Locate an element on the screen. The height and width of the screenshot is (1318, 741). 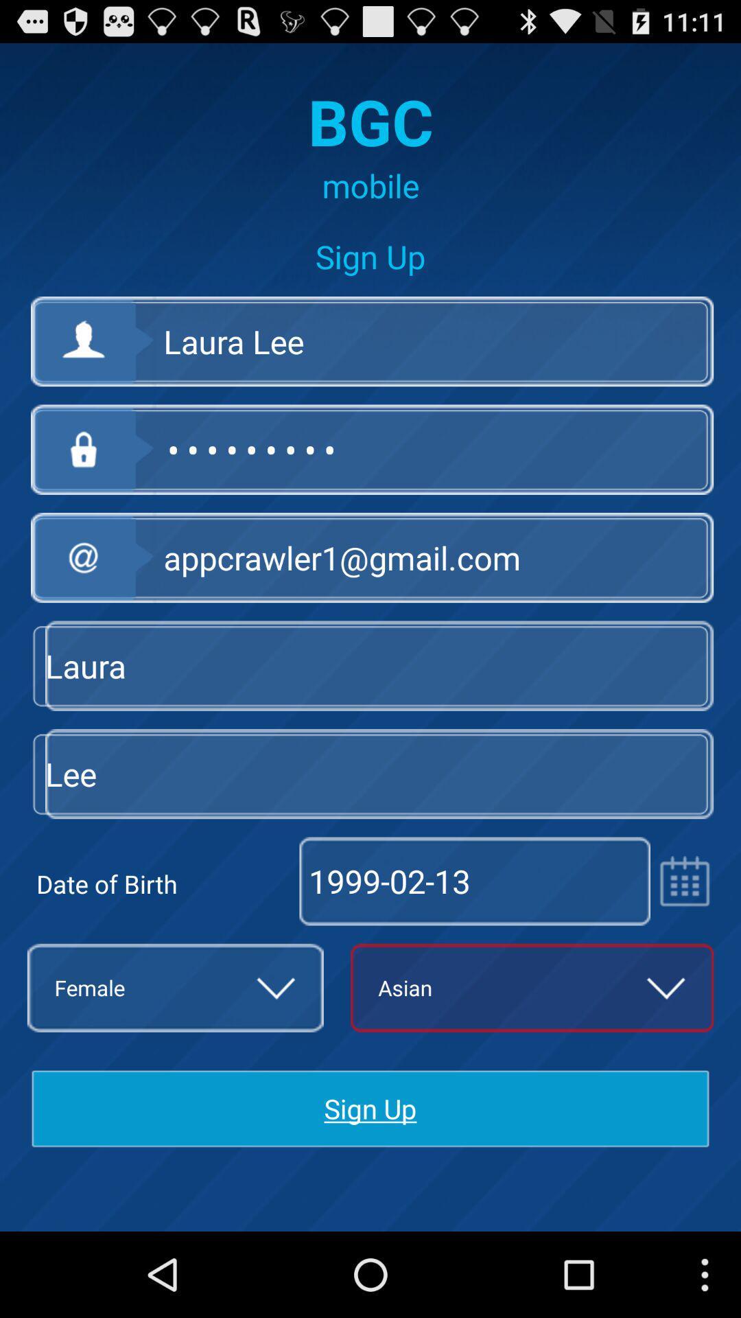
the date_range icon is located at coordinates (685, 943).